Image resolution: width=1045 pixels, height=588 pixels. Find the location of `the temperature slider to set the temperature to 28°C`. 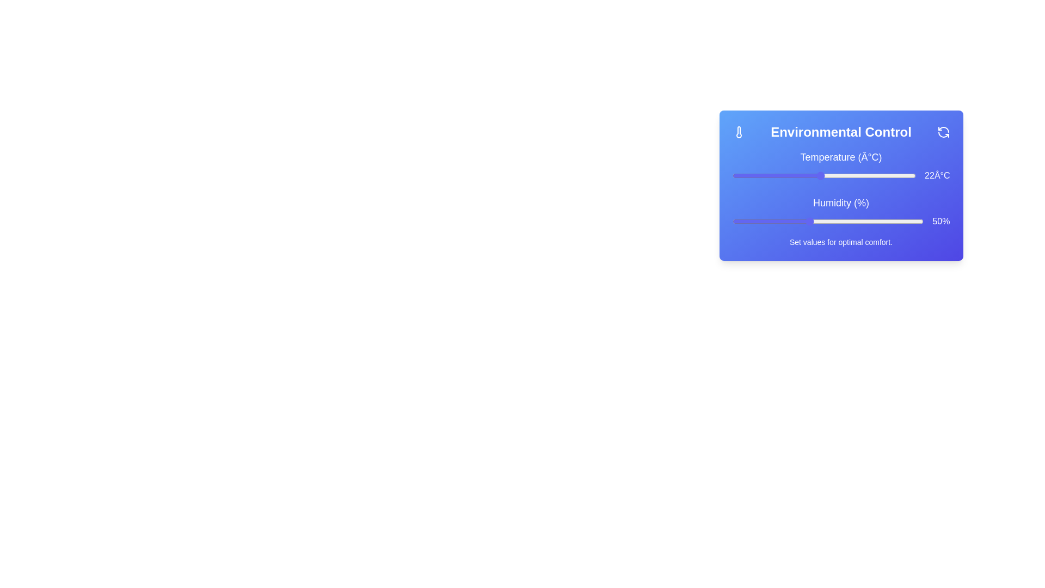

the temperature slider to set the temperature to 28°C is located at coordinates (864, 175).